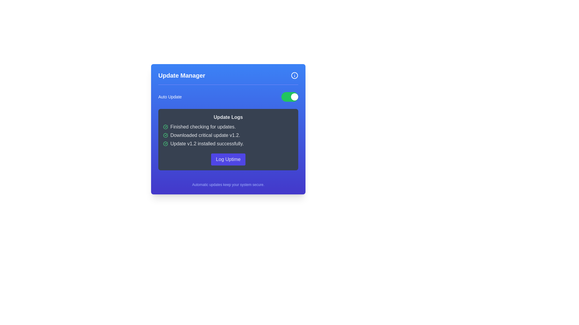  What do you see at coordinates (228, 184) in the screenshot?
I see `the static text label displaying 'Automatic updates keep your system secure.' which is located at the bottom of the update manager card, directly below the 'Log Uptime' button` at bounding box center [228, 184].